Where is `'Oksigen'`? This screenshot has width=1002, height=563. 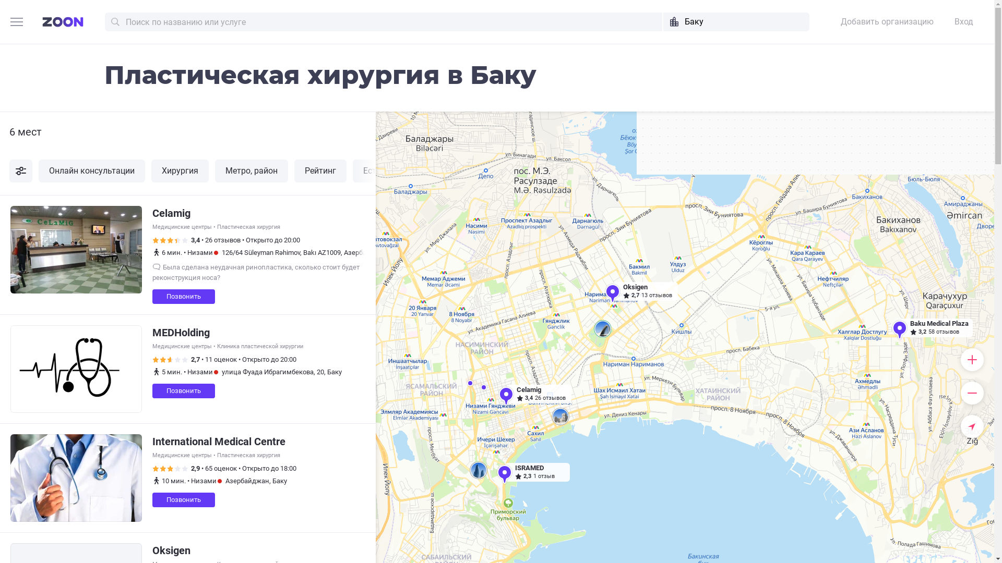 'Oksigen' is located at coordinates (152, 550).